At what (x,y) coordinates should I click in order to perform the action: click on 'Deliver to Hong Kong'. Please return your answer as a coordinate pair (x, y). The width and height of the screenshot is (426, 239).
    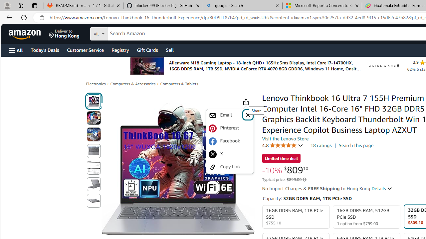
    Looking at the image, I should click on (64, 34).